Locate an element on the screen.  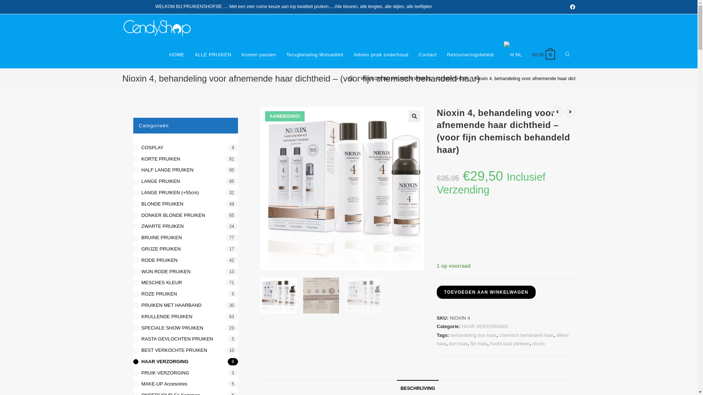
'nioxin-system-4-kit' is located at coordinates (342, 188).